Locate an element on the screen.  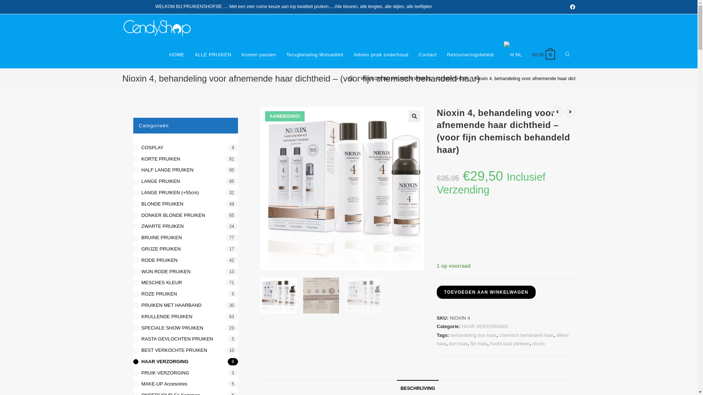
'nioxin-system-4-kit' is located at coordinates (342, 188).